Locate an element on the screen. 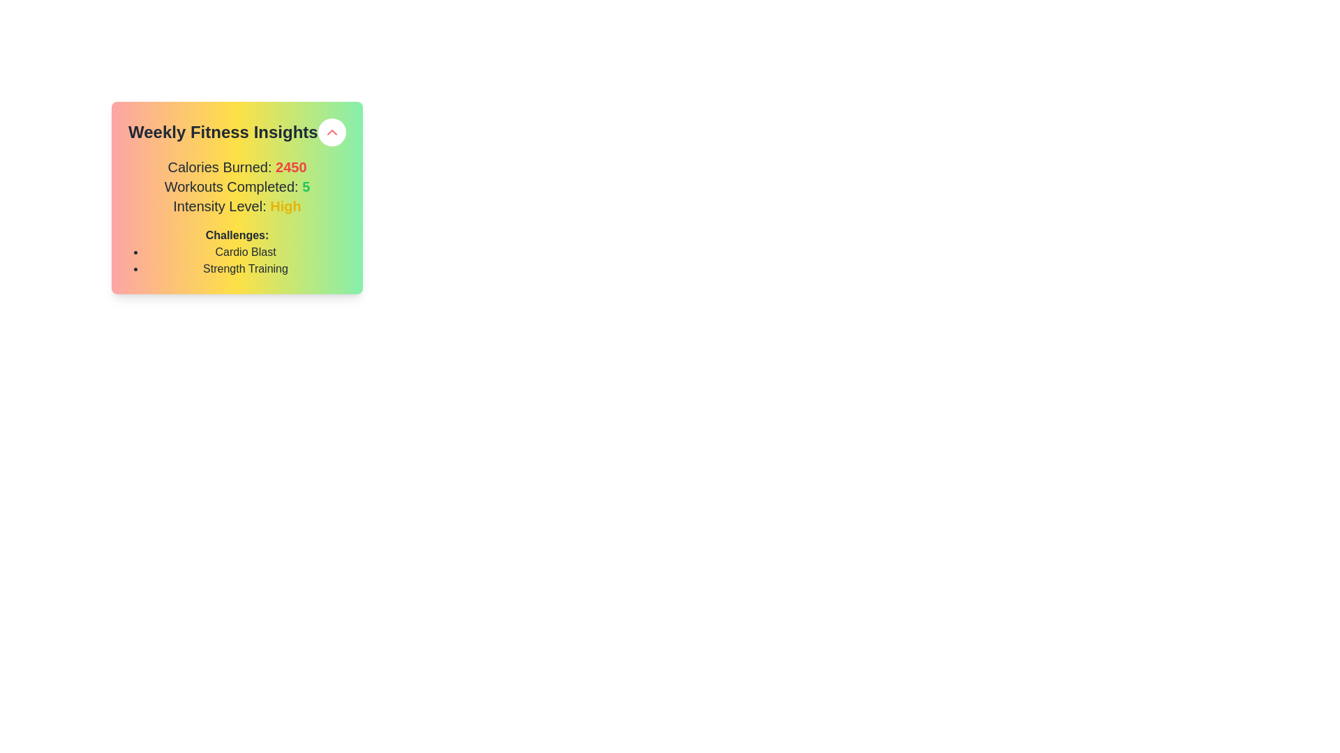 Image resolution: width=1340 pixels, height=753 pixels. the upward-pointing chevron icon located in the top-right corner of the 'Weekly Fitness Insights' card, which serves as a toggle for collapsing or expanding content is located at coordinates (331, 132).